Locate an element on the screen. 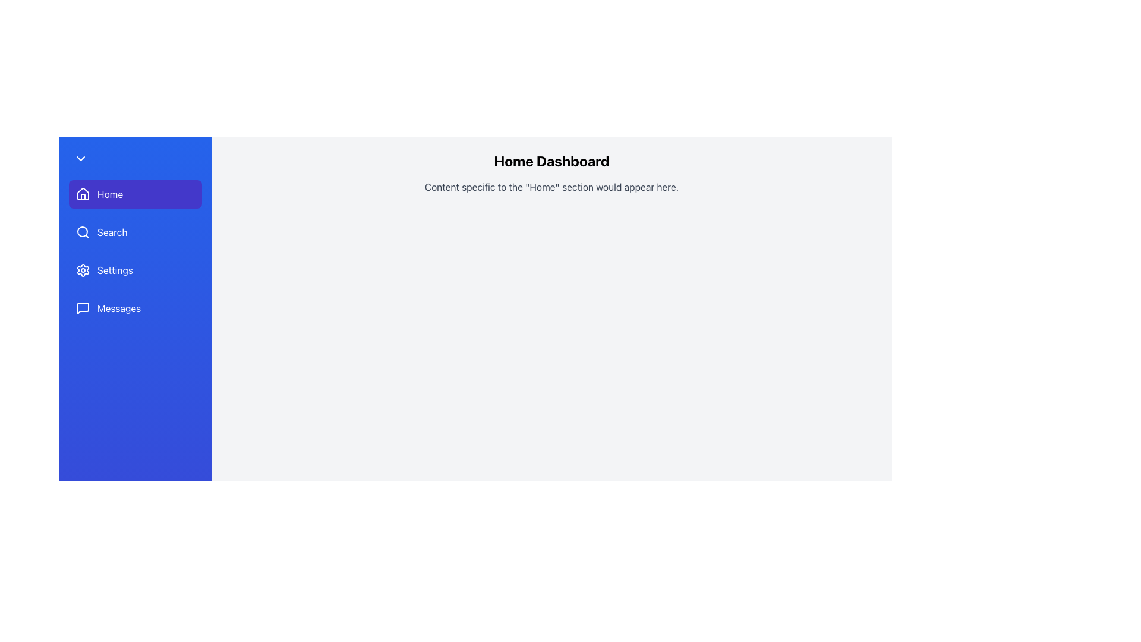 The width and height of the screenshot is (1141, 642). the navigation button located below the 'Home' button and above the 'Settings' button is located at coordinates (135, 232).